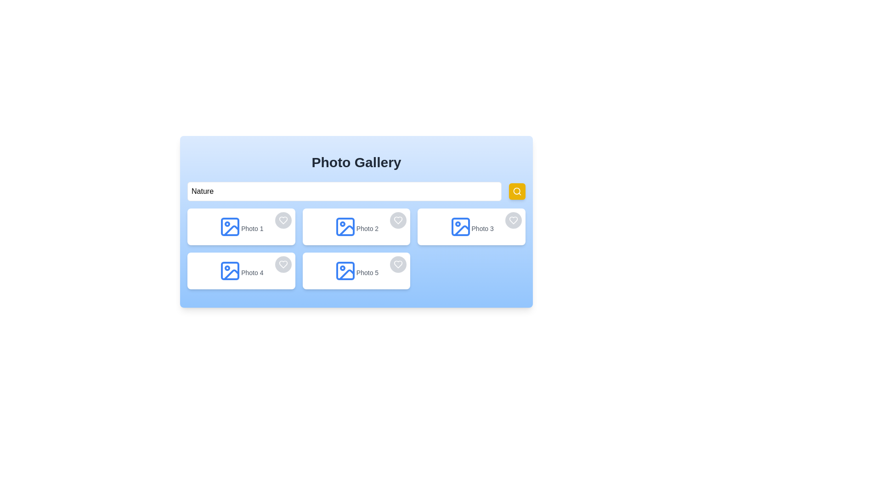 Image resolution: width=882 pixels, height=496 pixels. Describe the element at coordinates (367, 228) in the screenshot. I see `text from the label positioned in the center column beneath the image icon in the grid layout` at that location.